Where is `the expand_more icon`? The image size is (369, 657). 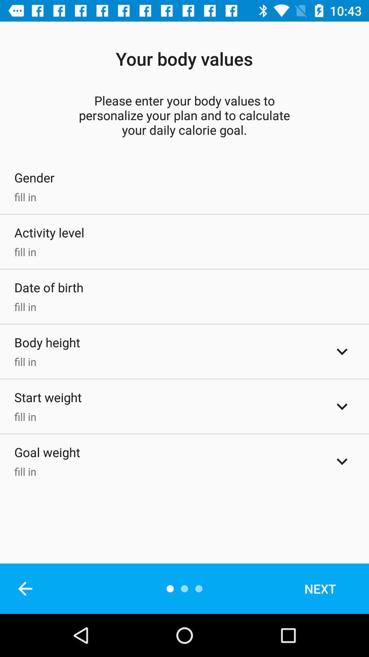 the expand_more icon is located at coordinates (342, 407).